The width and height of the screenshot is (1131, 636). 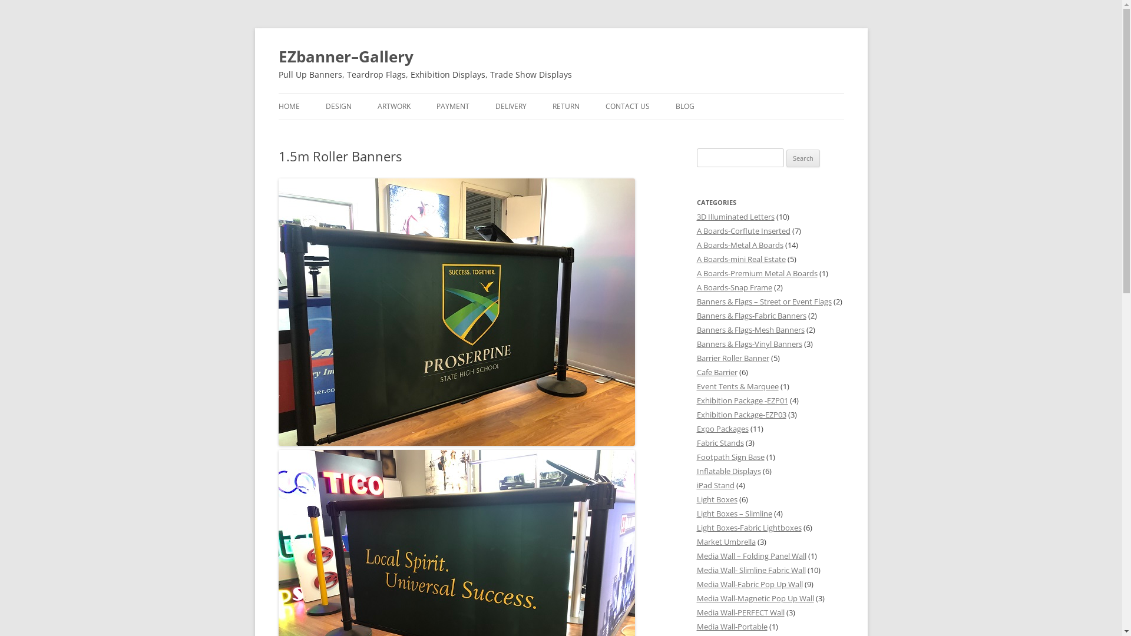 What do you see at coordinates (696, 526) in the screenshot?
I see `'Light Boxes-Fabric Lightboxes'` at bounding box center [696, 526].